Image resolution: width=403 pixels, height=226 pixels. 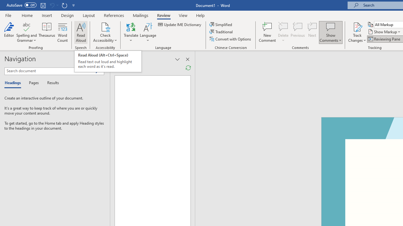 I want to click on 'Thesaurus...', so click(x=47, y=32).